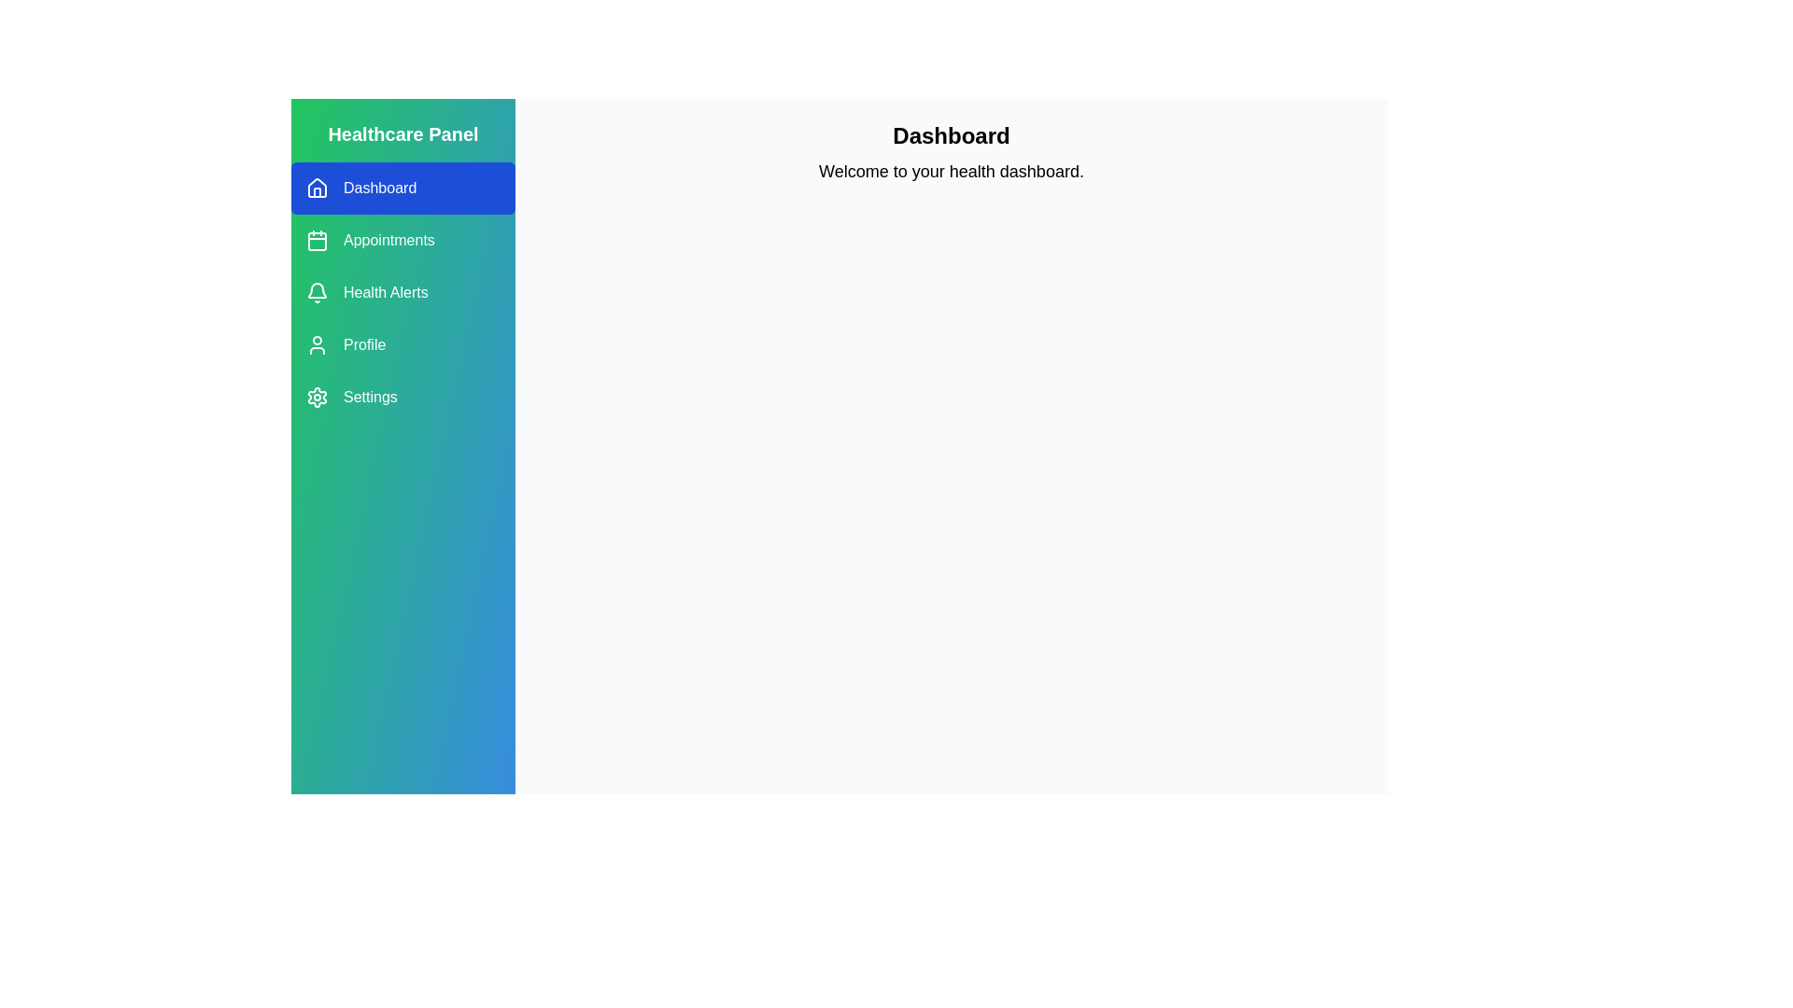  What do you see at coordinates (402, 292) in the screenshot?
I see `the 'Health Alerts' button in the sidebar navigation menu` at bounding box center [402, 292].